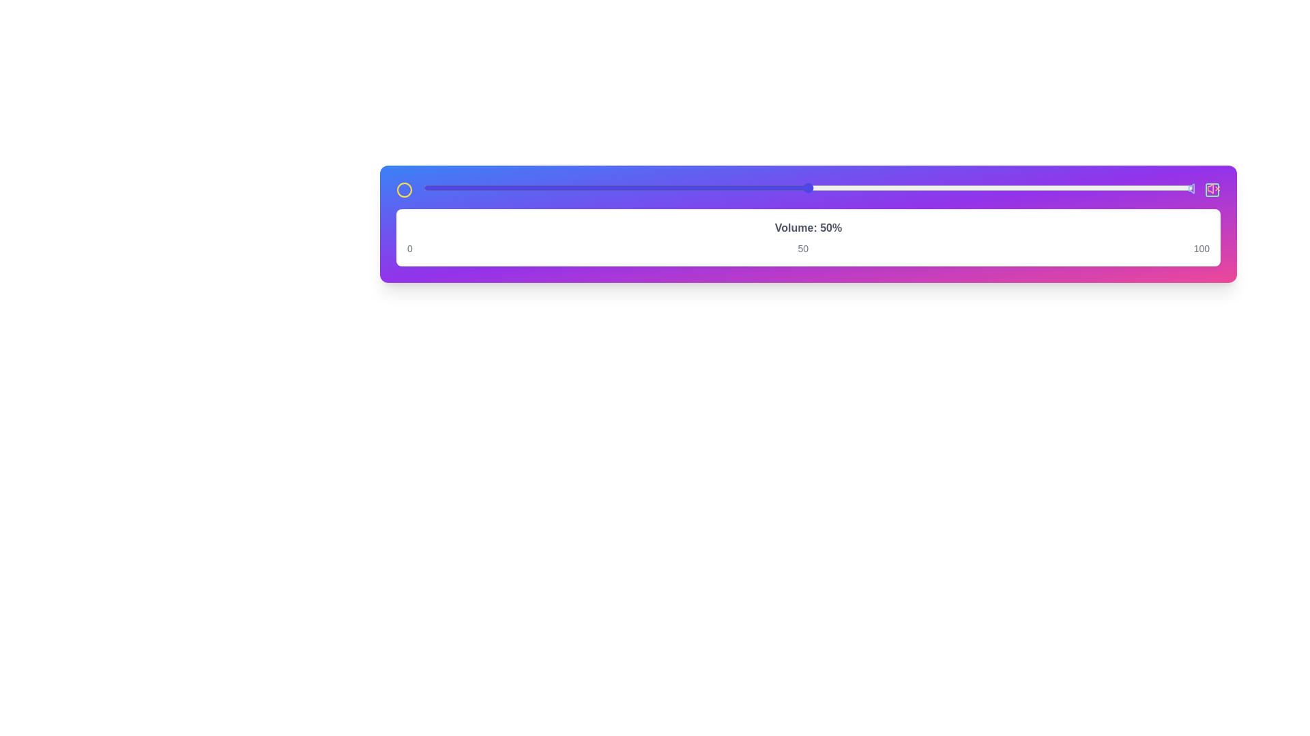  Describe the element at coordinates (404, 189) in the screenshot. I see `the circle icon to interact with it` at that location.